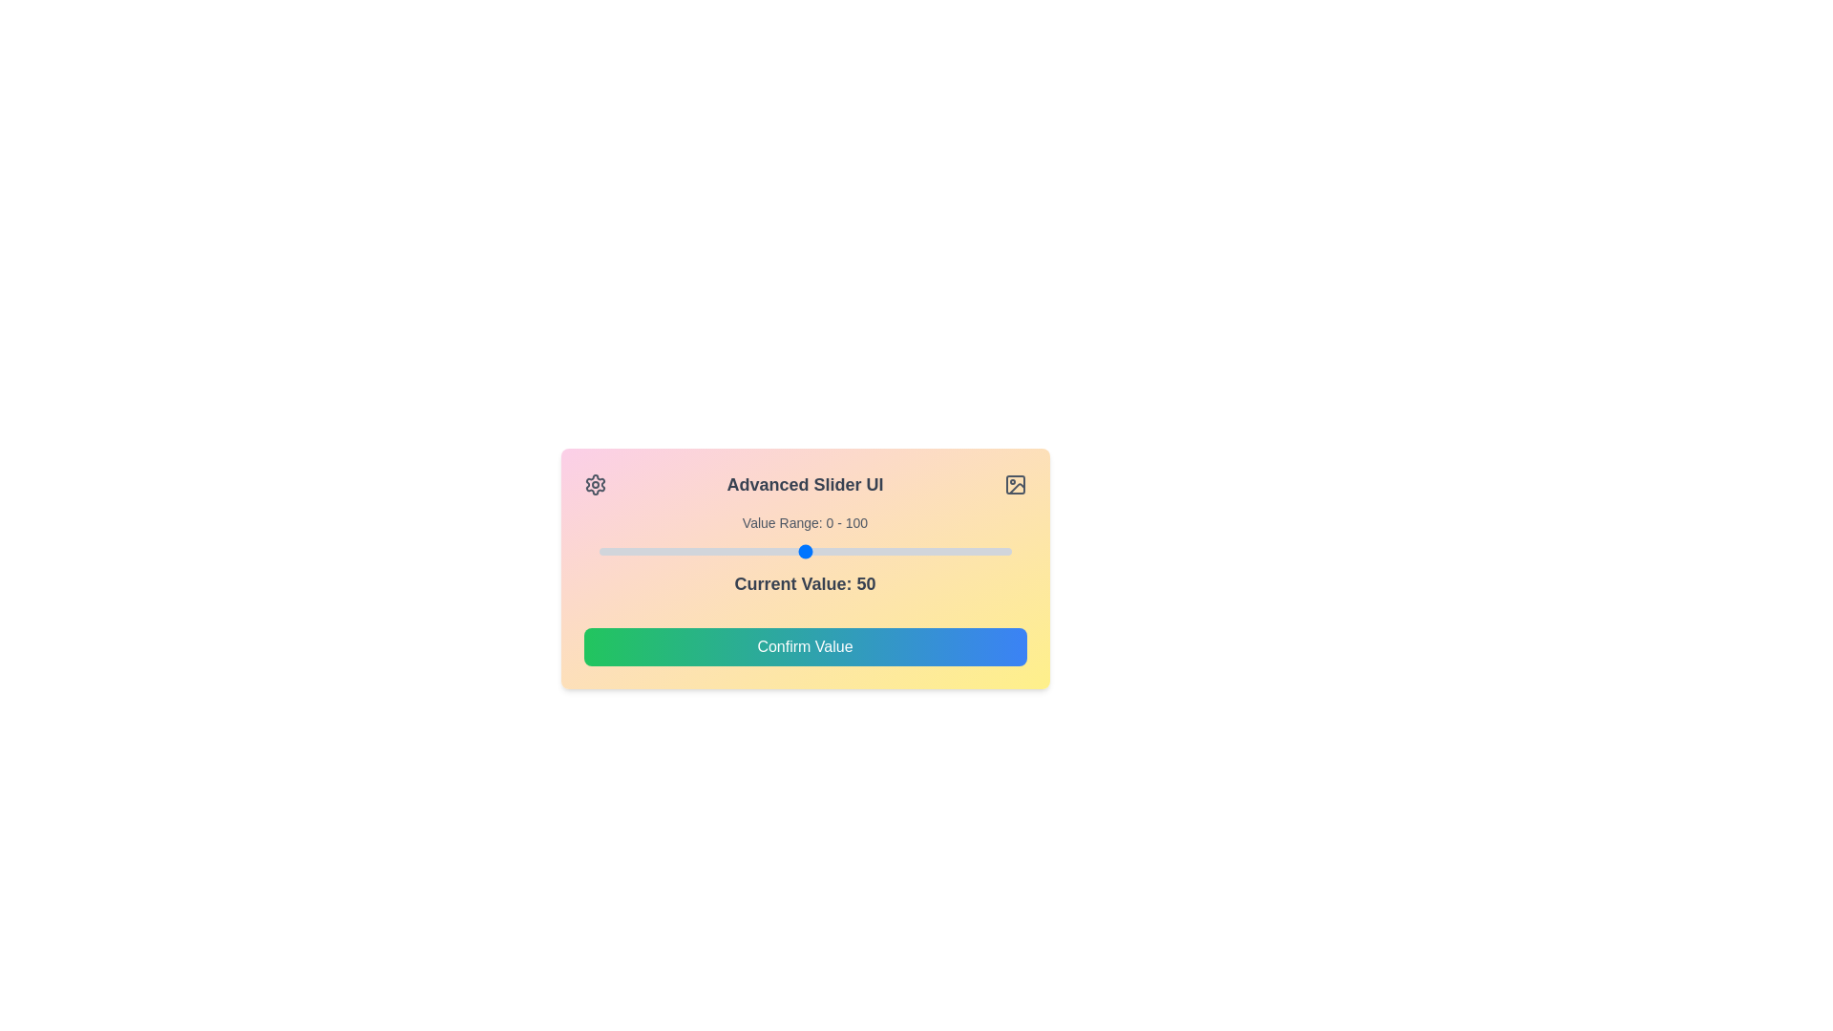  What do you see at coordinates (648, 552) in the screenshot?
I see `the slider to set its value to 12` at bounding box center [648, 552].